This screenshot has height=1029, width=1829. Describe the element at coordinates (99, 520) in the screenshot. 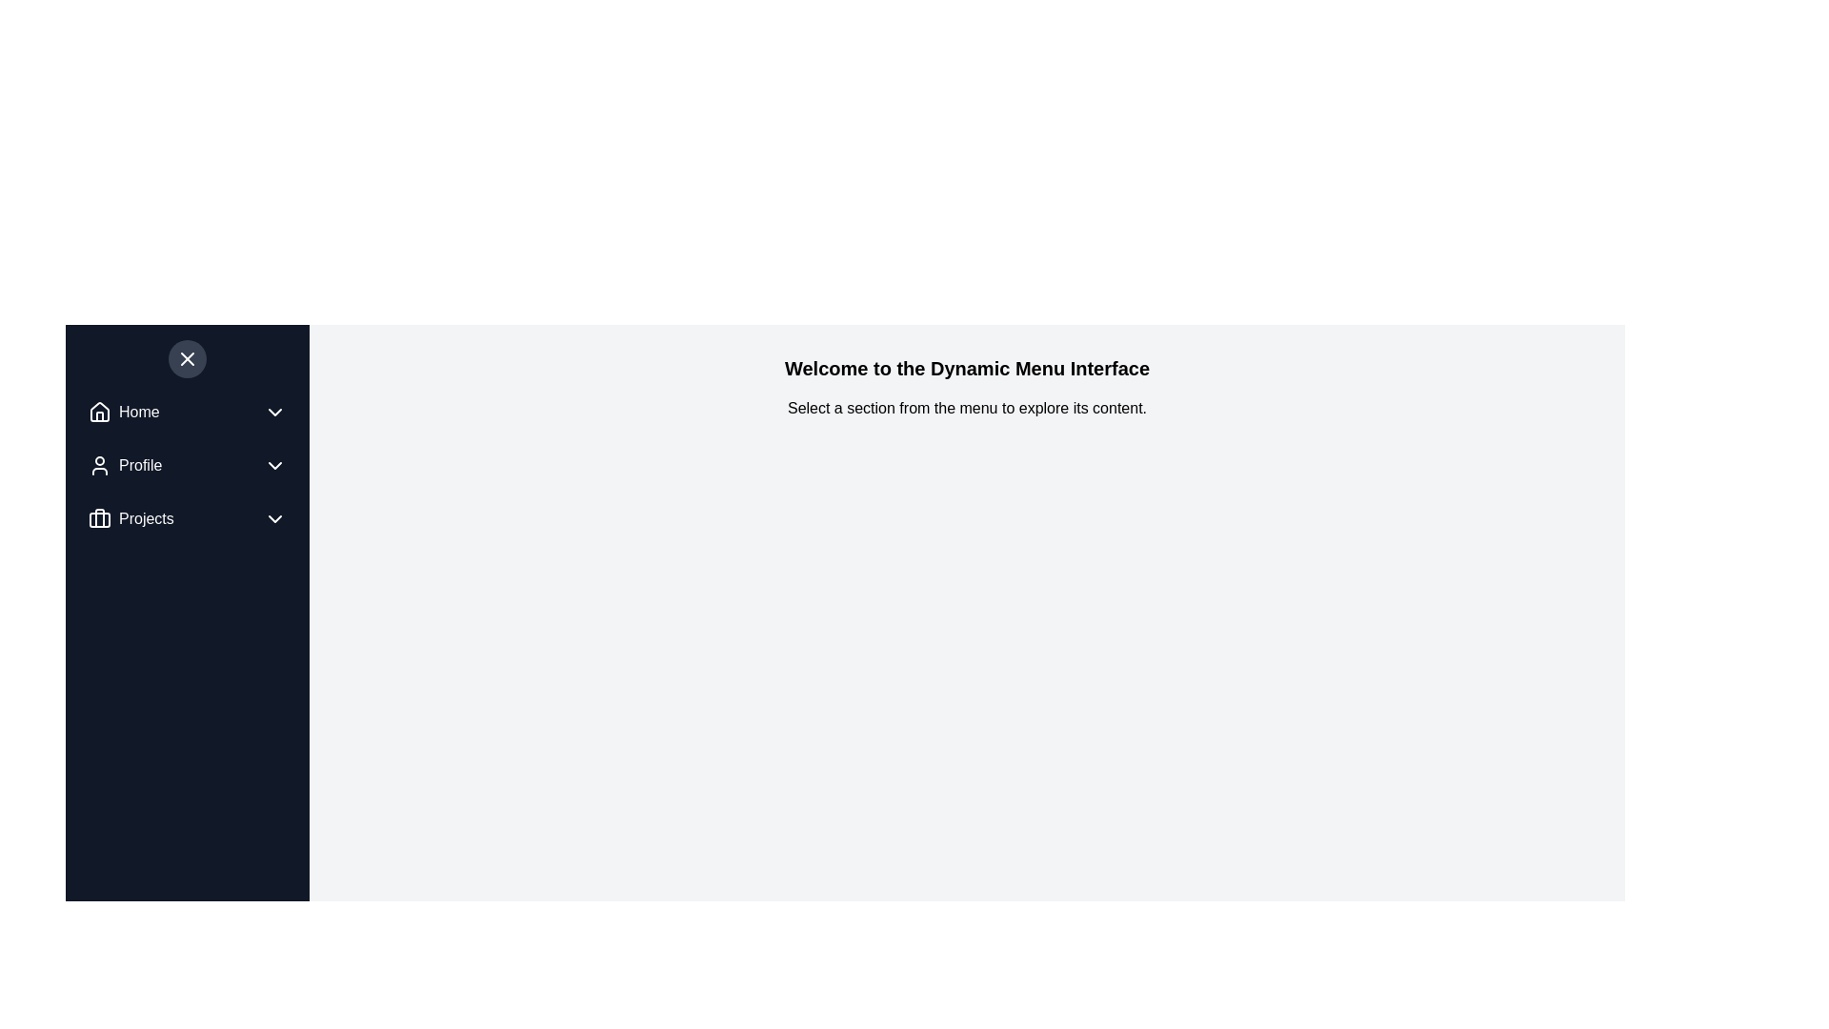

I see `the rectangular Icon component with rounded corners located within the briefcase icon, positioned to the left of the 'Projects' text in the vertical navigation menu` at that location.